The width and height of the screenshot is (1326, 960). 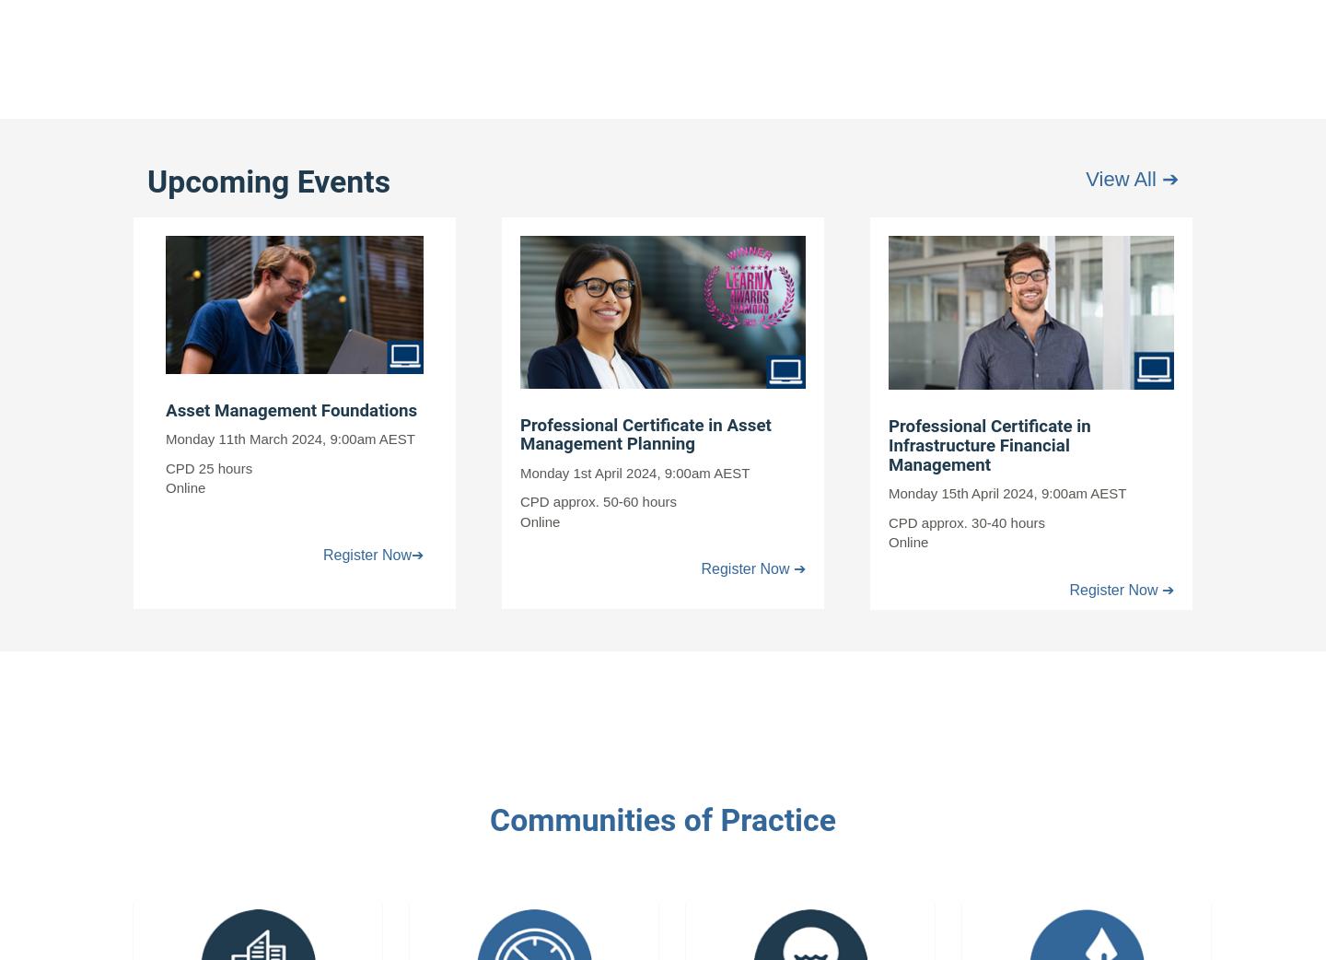 I want to click on 'CPD approx. 30-40 hours', so click(x=887, y=521).